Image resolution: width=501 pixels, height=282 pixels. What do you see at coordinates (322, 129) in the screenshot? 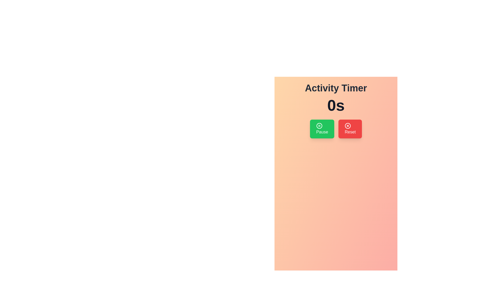
I see `the green 'Pause' button with a white pause icon and label, positioned below the 'Activity Timer' to observe visual feedback indicating interactivity` at bounding box center [322, 129].